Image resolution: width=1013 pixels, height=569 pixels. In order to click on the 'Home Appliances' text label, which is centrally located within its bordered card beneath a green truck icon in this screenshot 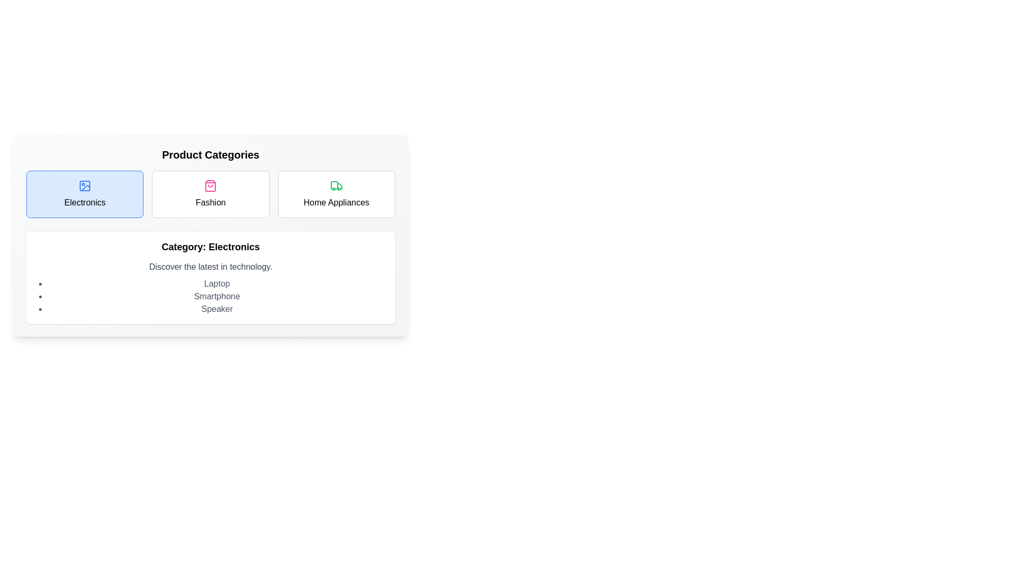, I will do `click(336, 203)`.